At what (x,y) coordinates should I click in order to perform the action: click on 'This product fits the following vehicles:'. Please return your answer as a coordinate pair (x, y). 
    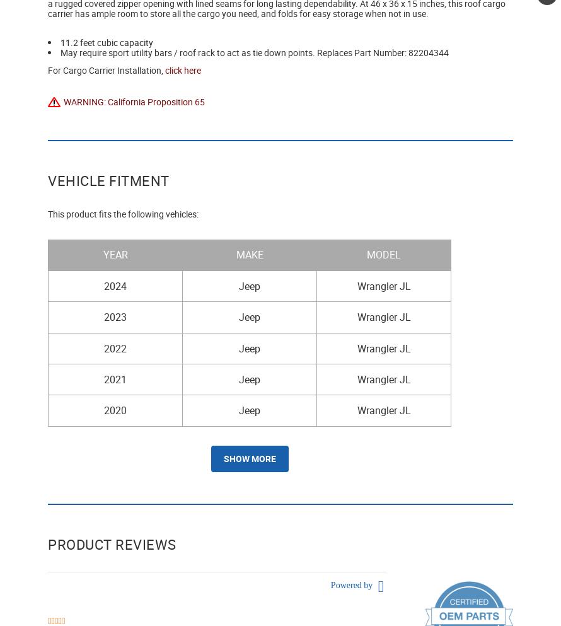
    Looking at the image, I should click on (47, 213).